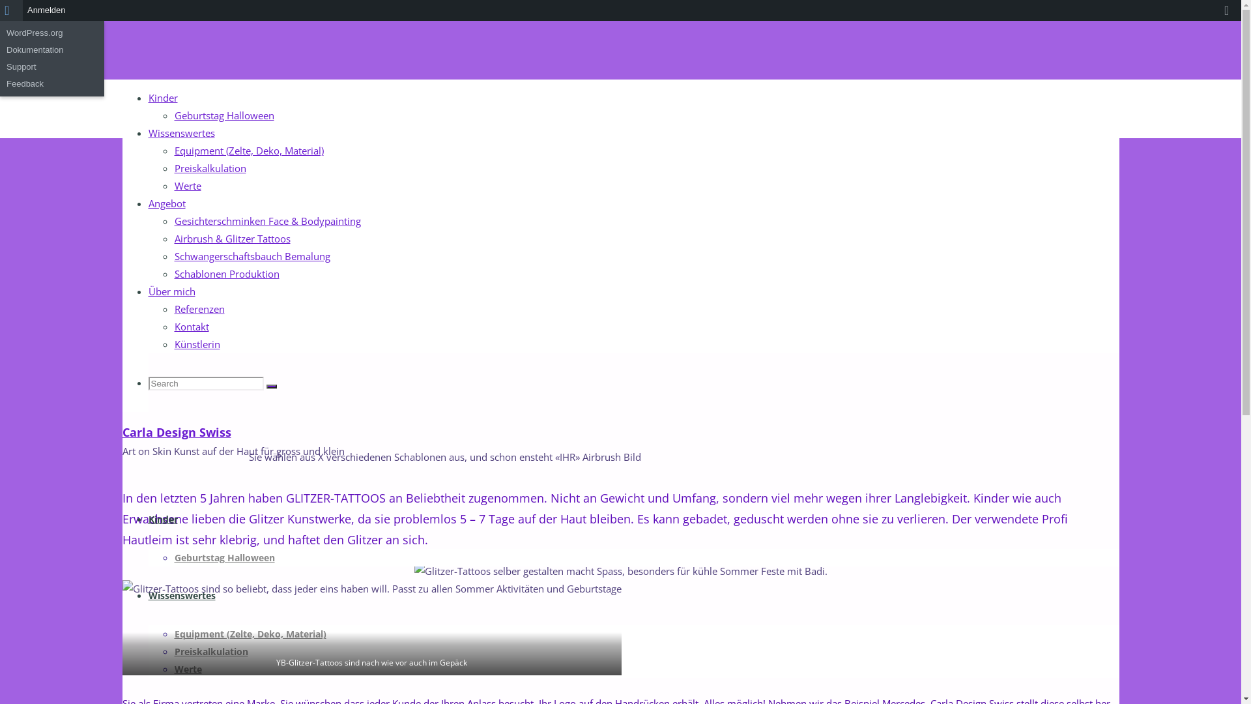 The width and height of the screenshot is (1251, 704). I want to click on 'Kontakt', so click(191, 326).